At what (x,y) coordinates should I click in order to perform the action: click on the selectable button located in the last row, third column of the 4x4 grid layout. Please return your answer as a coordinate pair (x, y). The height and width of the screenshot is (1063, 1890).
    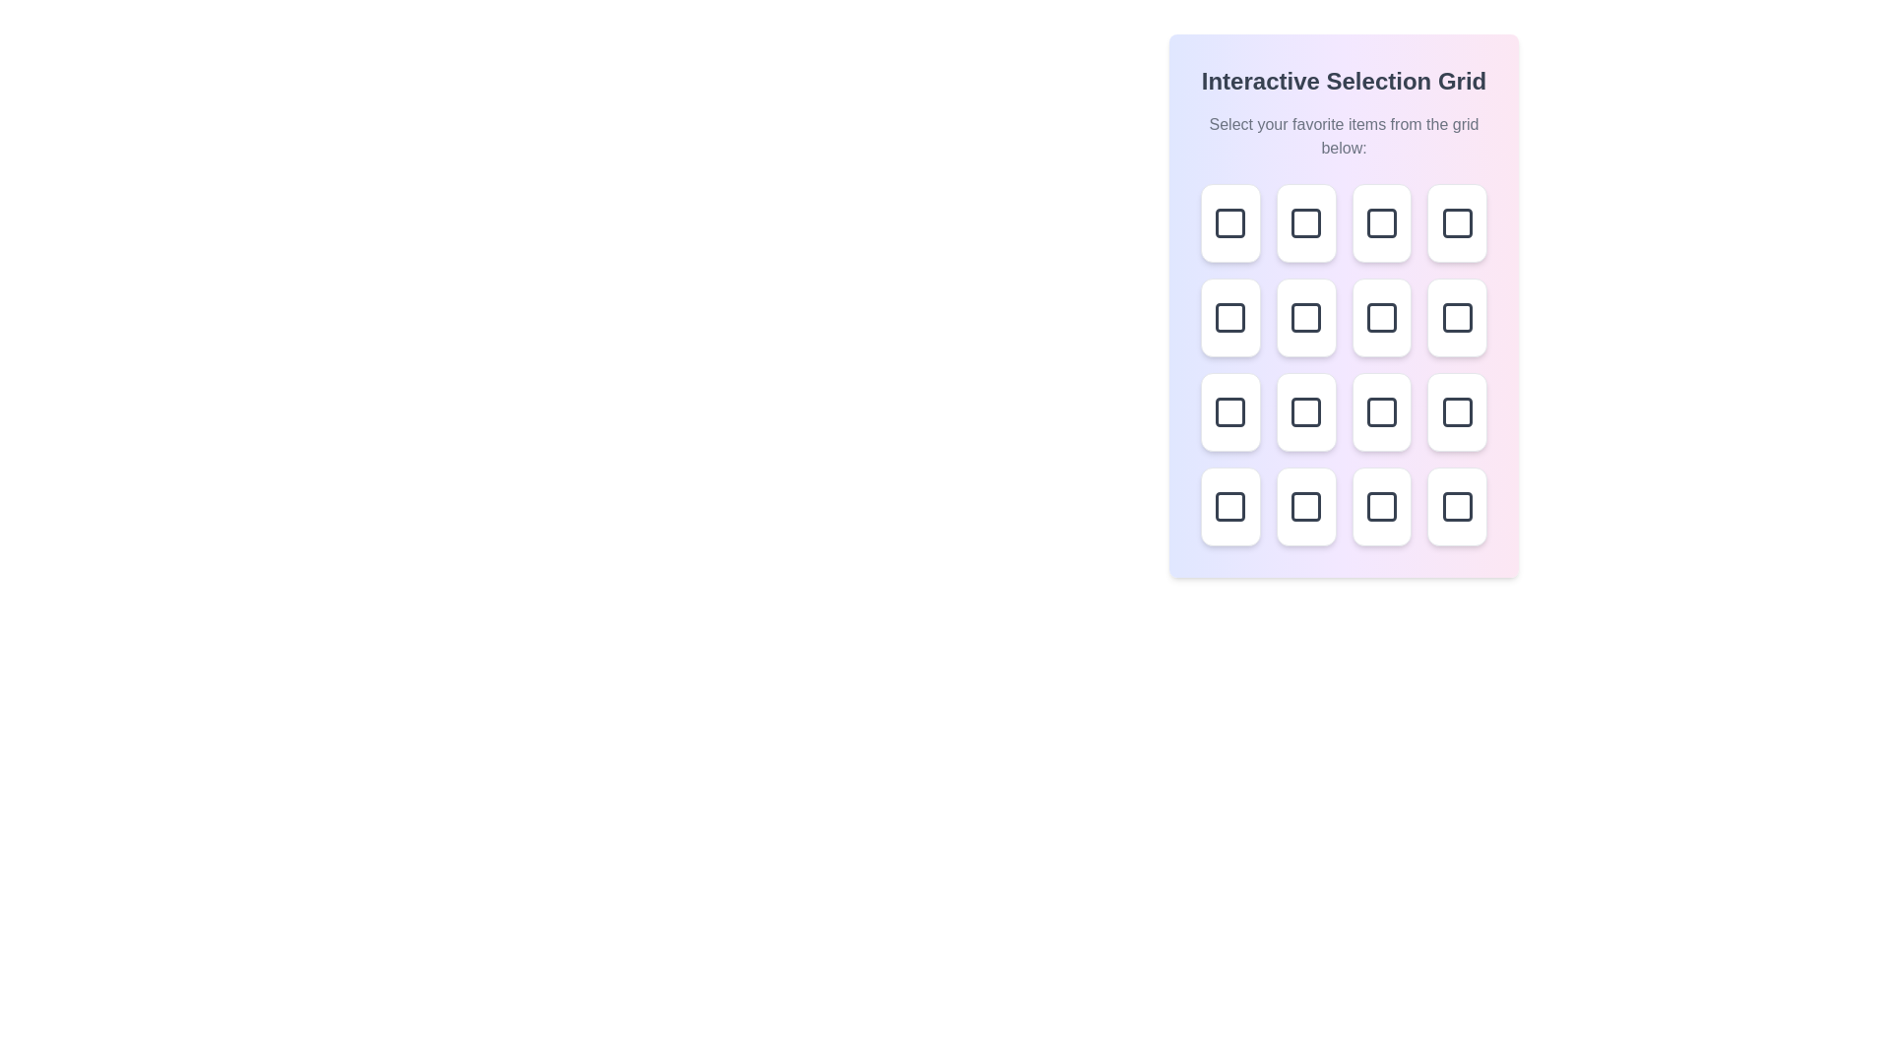
    Looking at the image, I should click on (1380, 506).